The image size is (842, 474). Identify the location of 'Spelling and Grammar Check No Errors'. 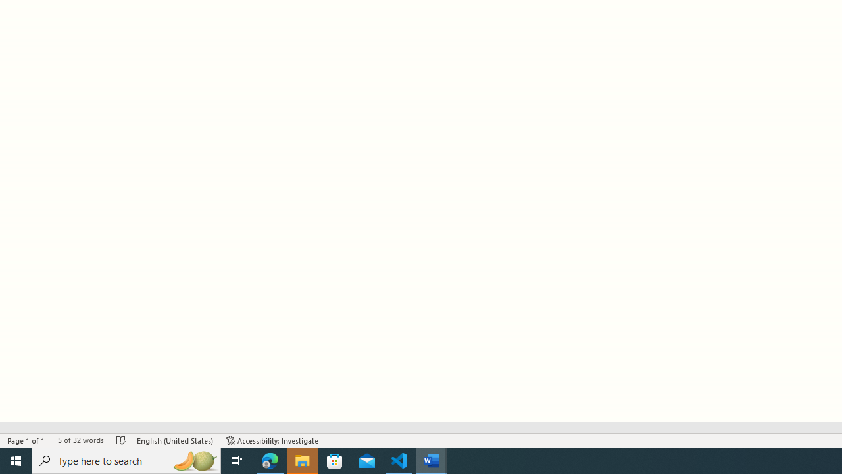
(121, 440).